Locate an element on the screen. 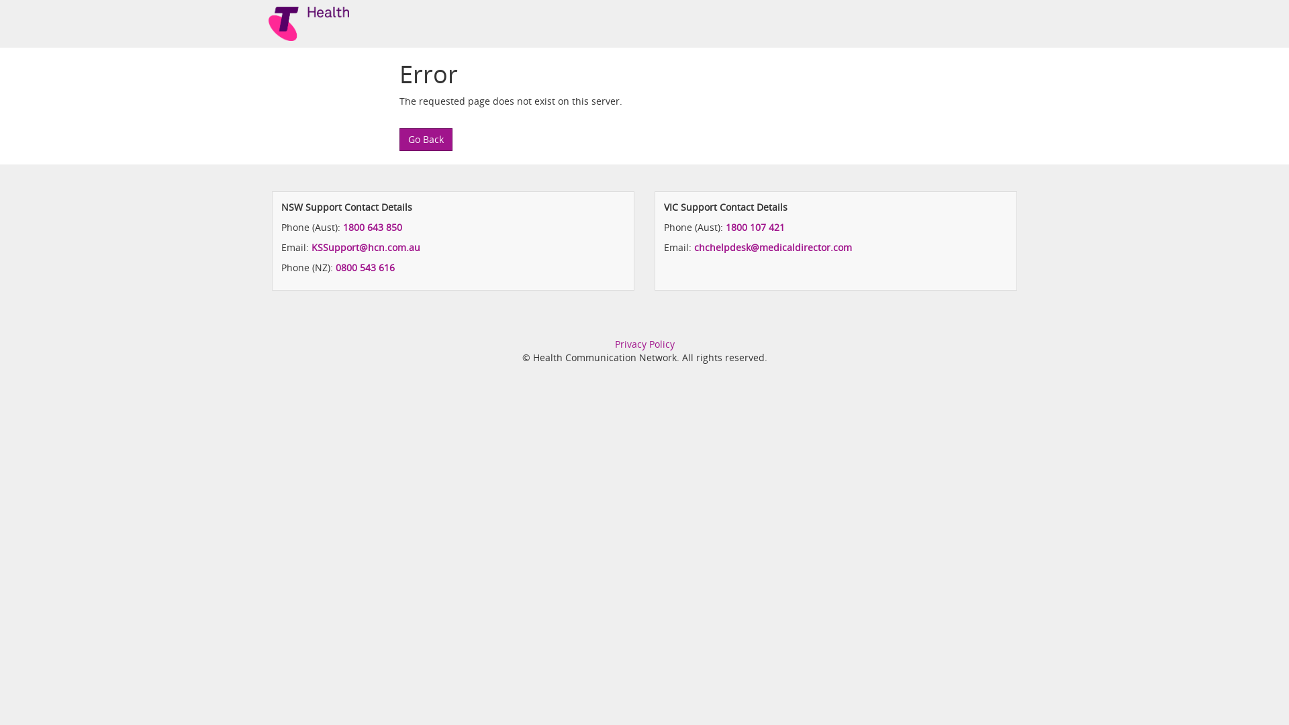 The height and width of the screenshot is (725, 1289). 'Go Back' is located at coordinates (425, 140).